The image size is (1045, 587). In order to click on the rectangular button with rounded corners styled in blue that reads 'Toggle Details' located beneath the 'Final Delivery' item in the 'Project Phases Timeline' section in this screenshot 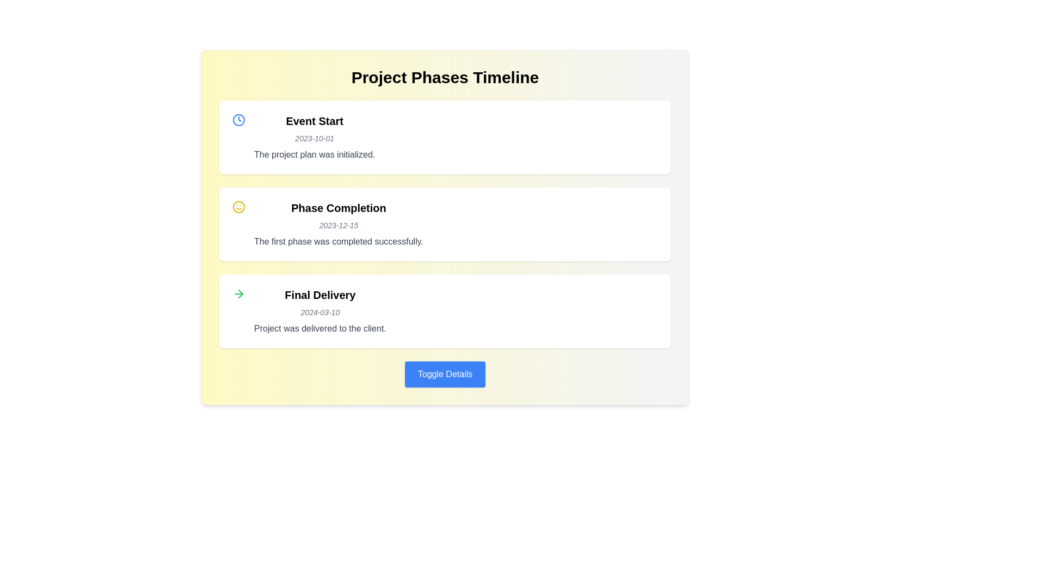, I will do `click(445, 374)`.